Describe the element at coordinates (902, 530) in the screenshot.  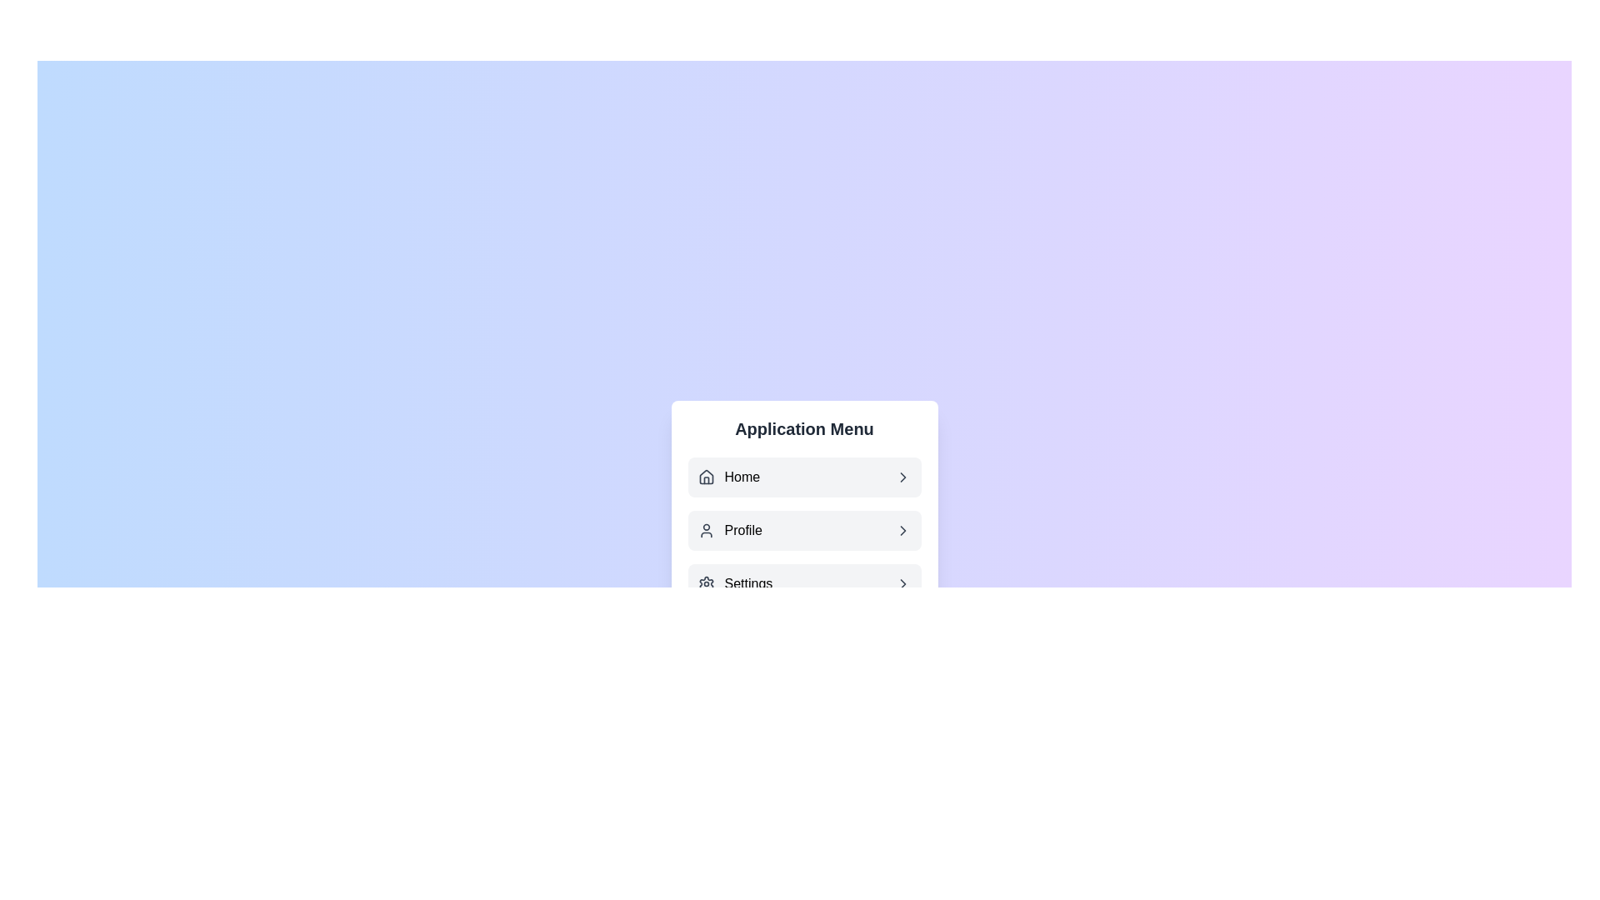
I see `the chevron icon located to the far right of the 'Profile' menu item` at that location.